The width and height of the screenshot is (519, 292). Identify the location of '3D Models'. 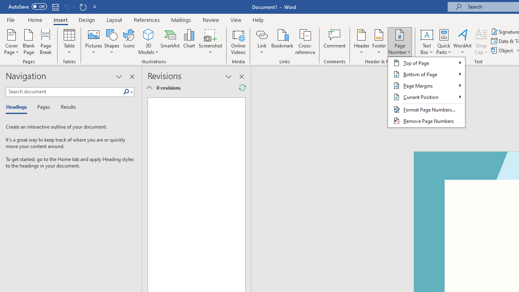
(148, 34).